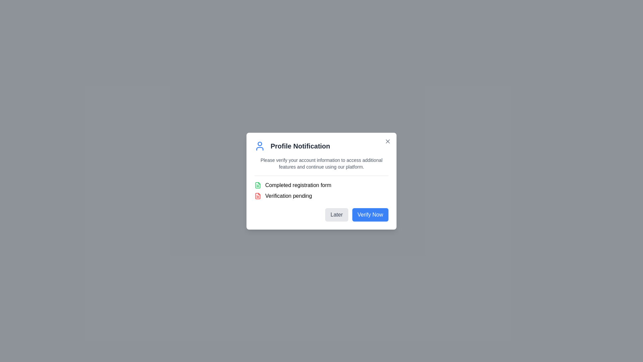 The height and width of the screenshot is (362, 643). I want to click on the 'Later' button located on the bottom right of the dialog box to observe a background color change, so click(337, 215).